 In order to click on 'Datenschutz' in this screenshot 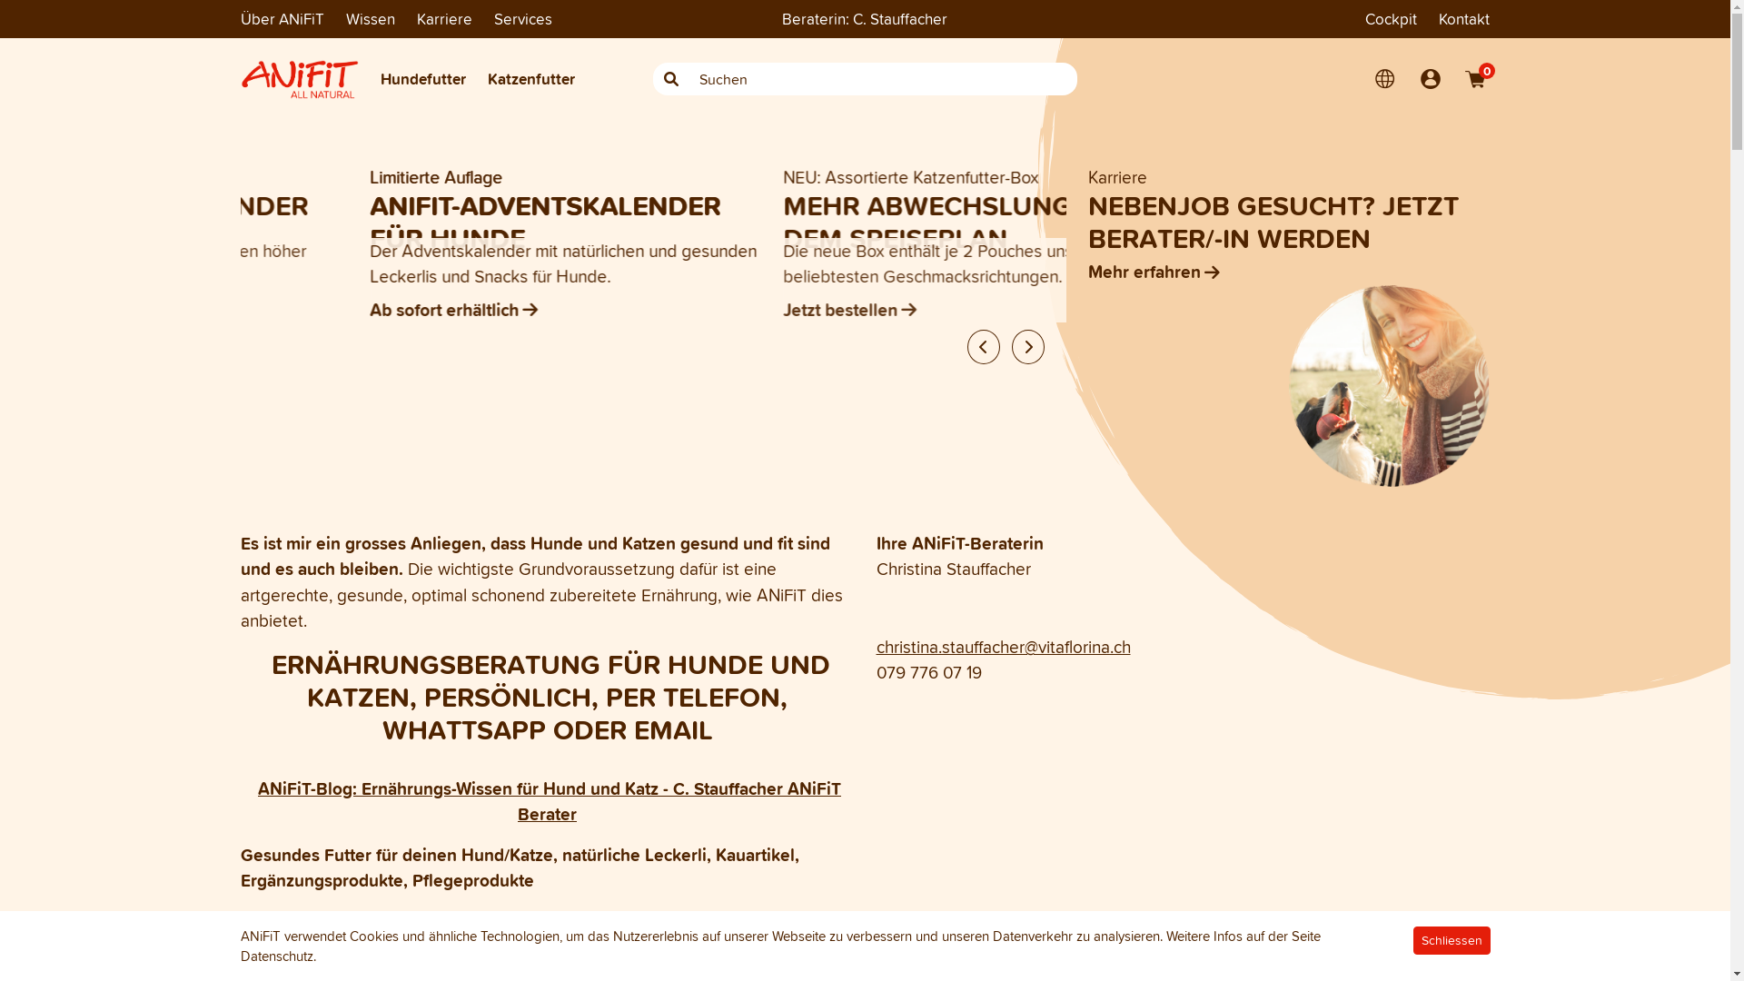, I will do `click(274, 956)`.